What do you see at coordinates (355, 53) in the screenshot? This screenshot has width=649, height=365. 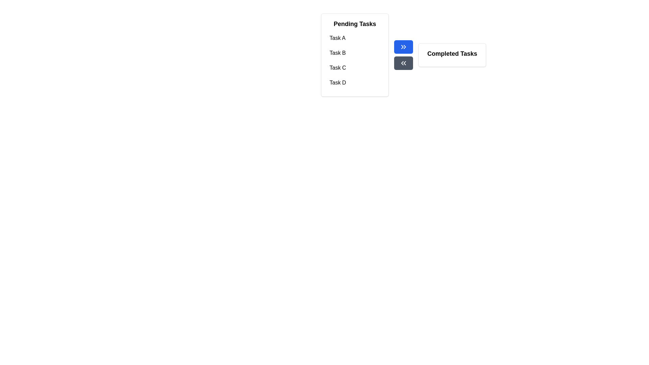 I see `the second item in the 'Pending Tasks' list, which is located below 'Task A' and above 'Task C'` at bounding box center [355, 53].